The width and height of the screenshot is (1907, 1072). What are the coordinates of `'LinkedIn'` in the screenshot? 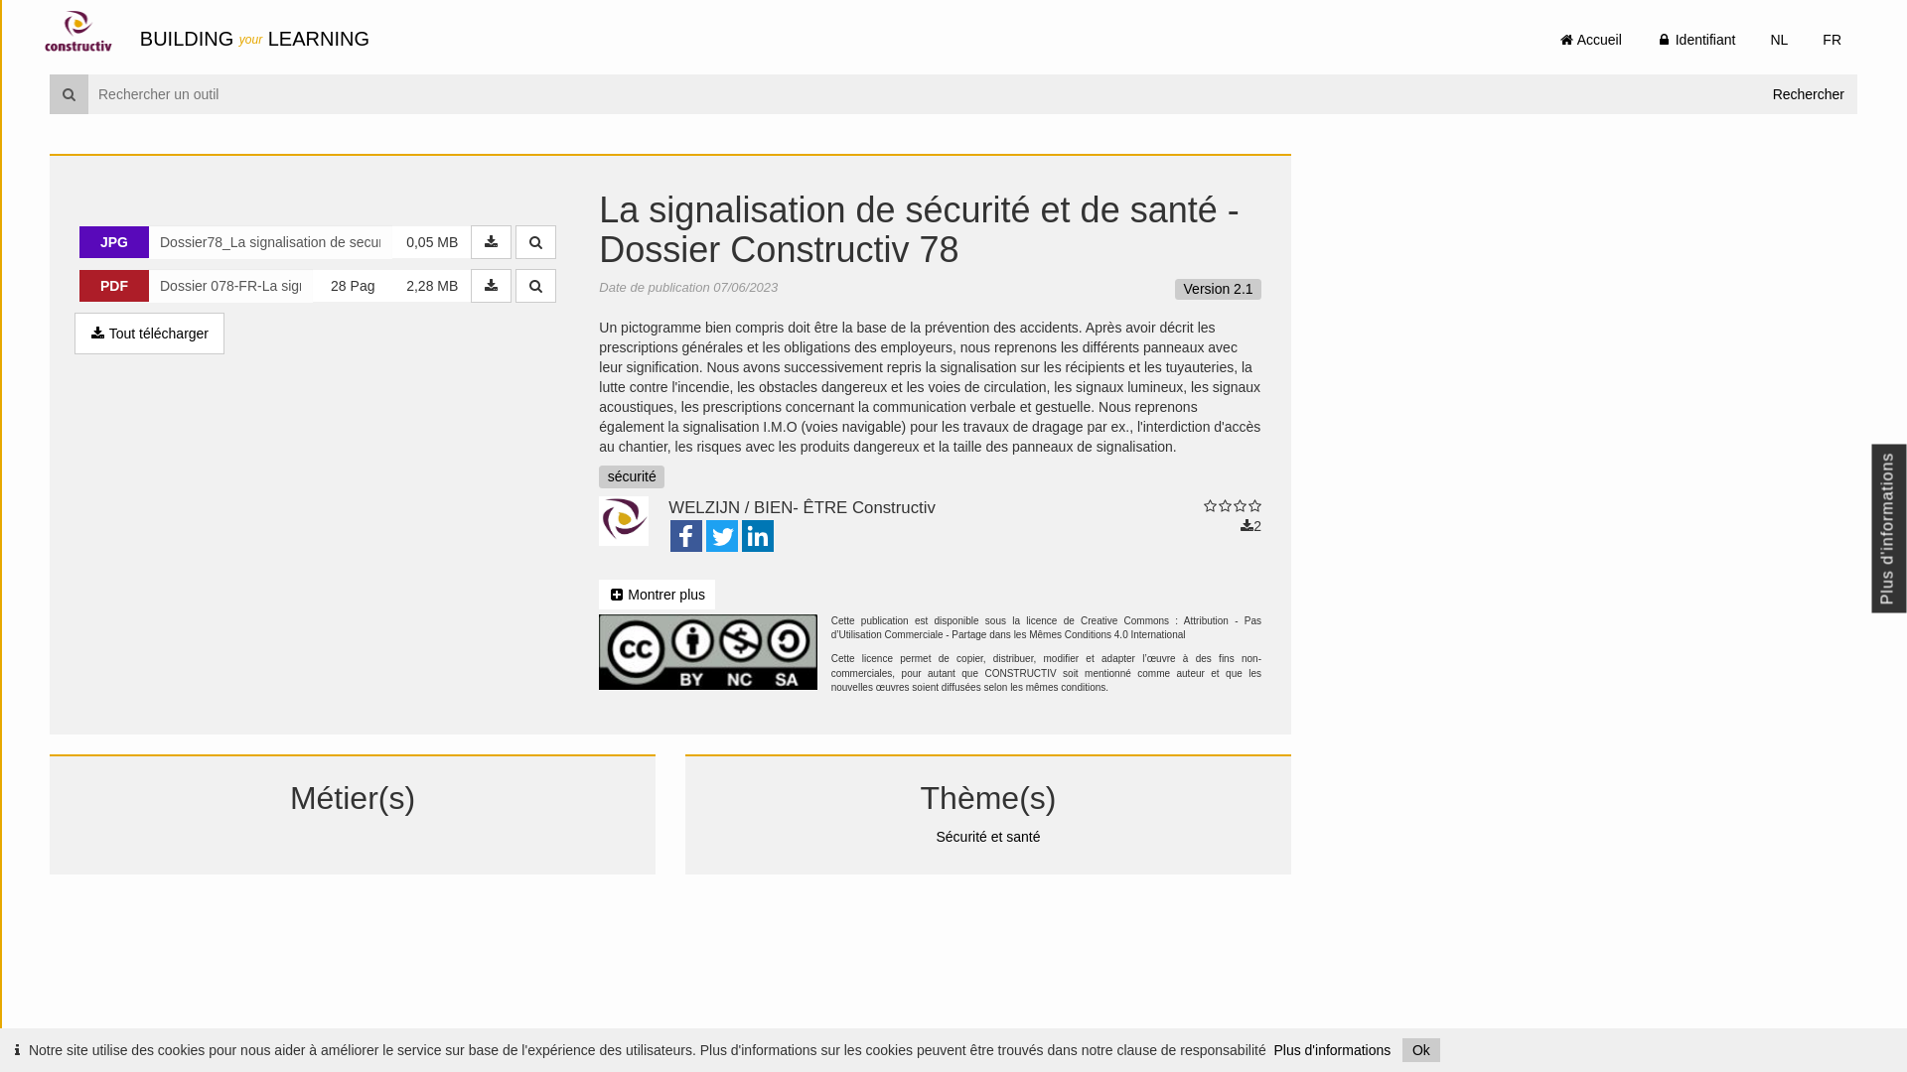 It's located at (757, 536).